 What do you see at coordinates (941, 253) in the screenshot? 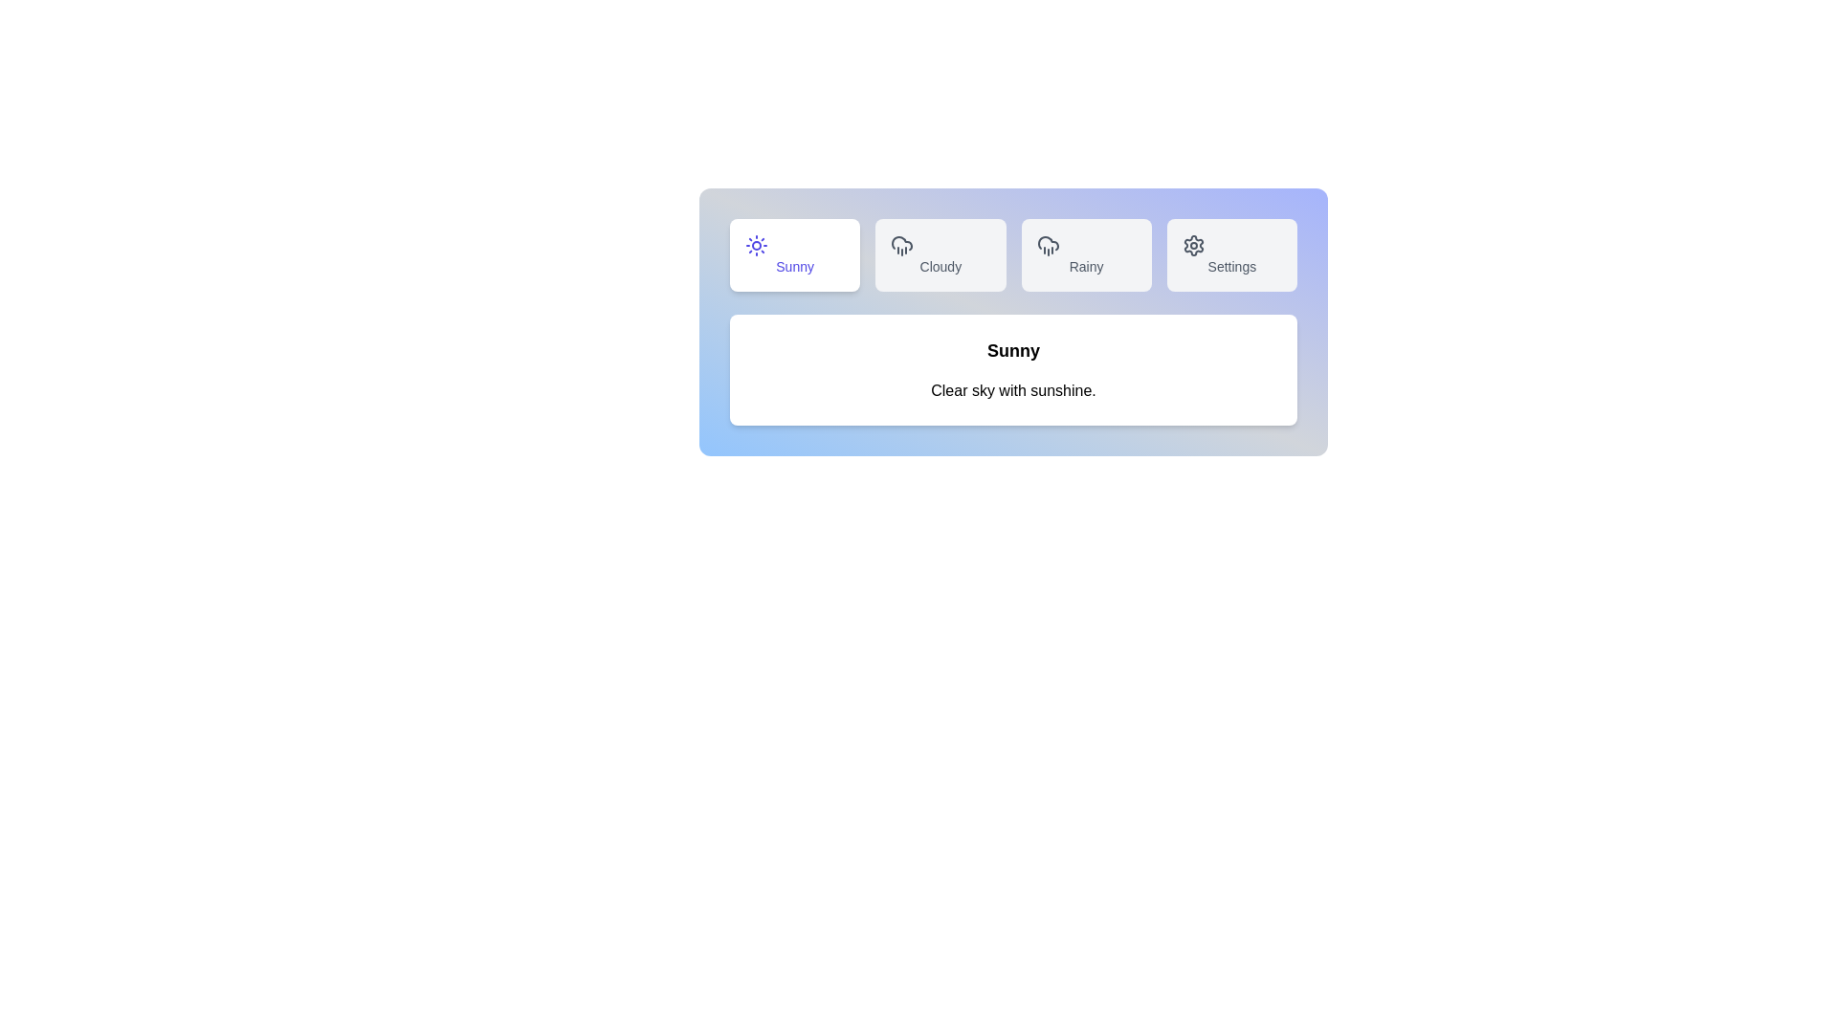
I see `the Cloudy tab` at bounding box center [941, 253].